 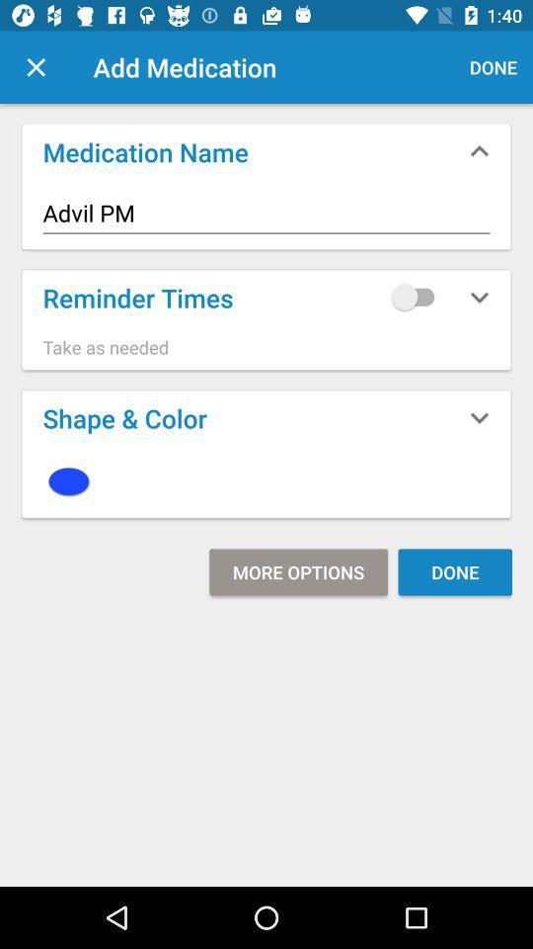 I want to click on reminder option, so click(x=417, y=296).